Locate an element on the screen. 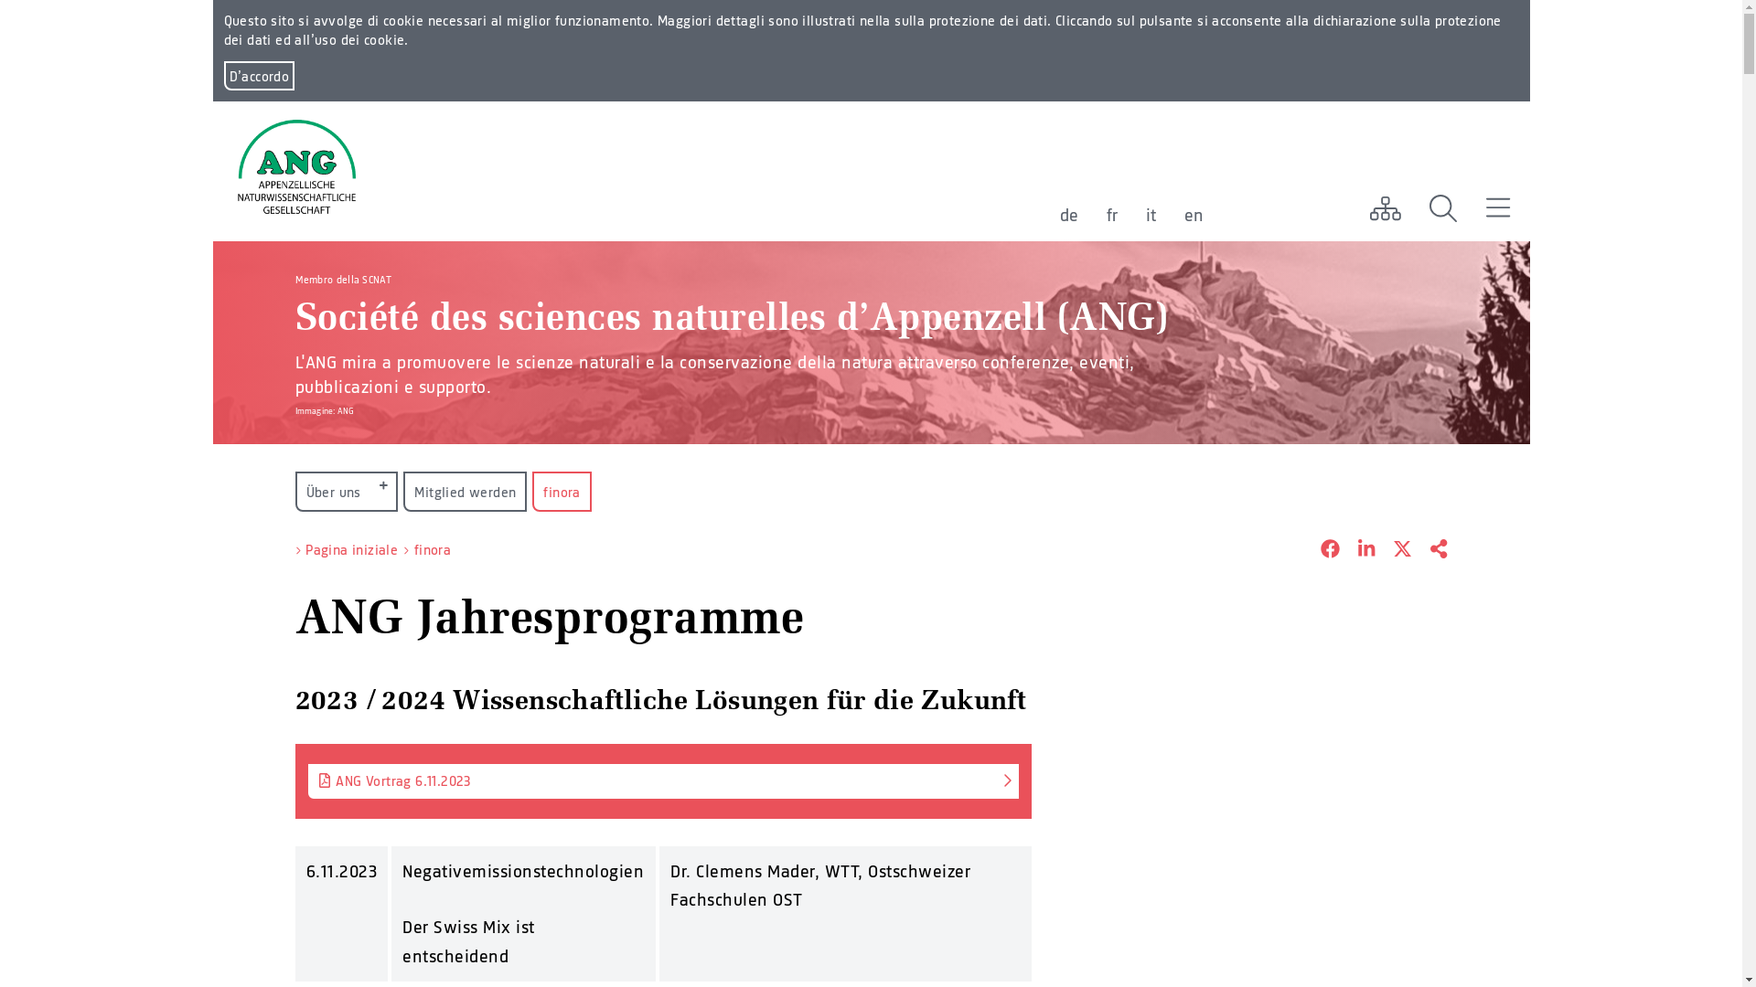 This screenshot has height=987, width=1756. 'Condividi su X' is located at coordinates (1392, 549).